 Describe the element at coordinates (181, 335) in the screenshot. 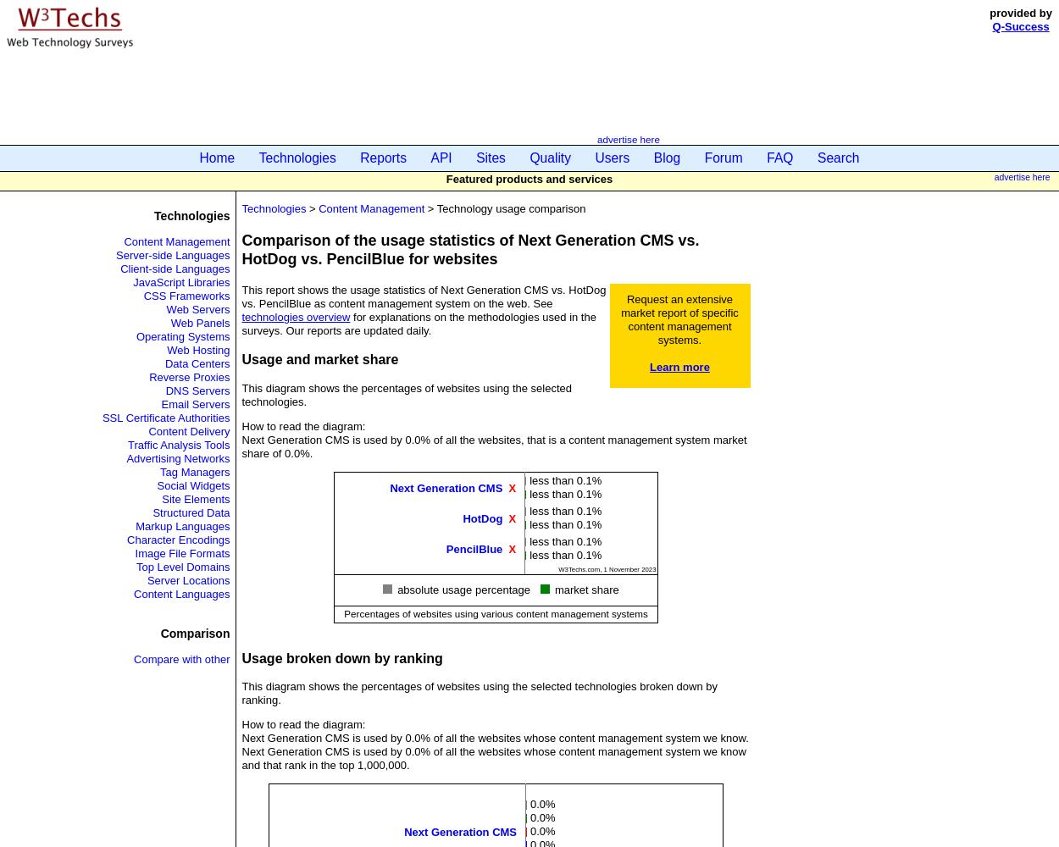

I see `'Operating Systems'` at that location.